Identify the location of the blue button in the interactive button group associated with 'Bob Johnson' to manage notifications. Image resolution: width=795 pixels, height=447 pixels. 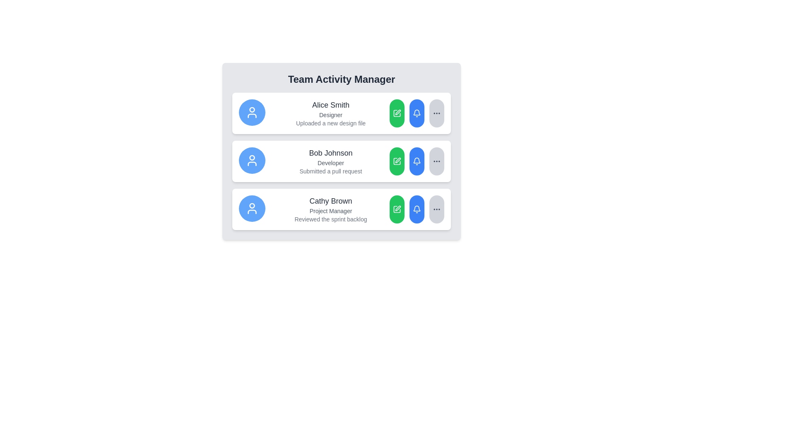
(417, 161).